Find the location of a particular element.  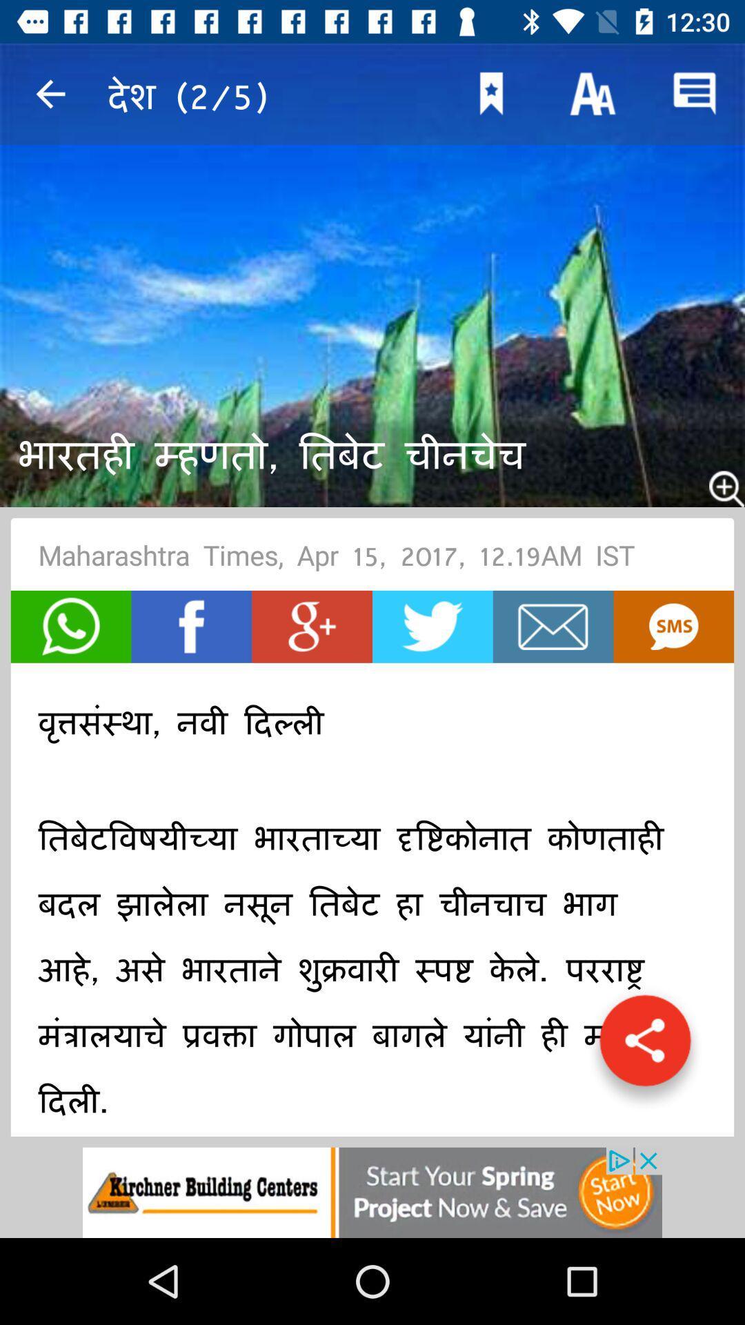

home is located at coordinates (553, 626).